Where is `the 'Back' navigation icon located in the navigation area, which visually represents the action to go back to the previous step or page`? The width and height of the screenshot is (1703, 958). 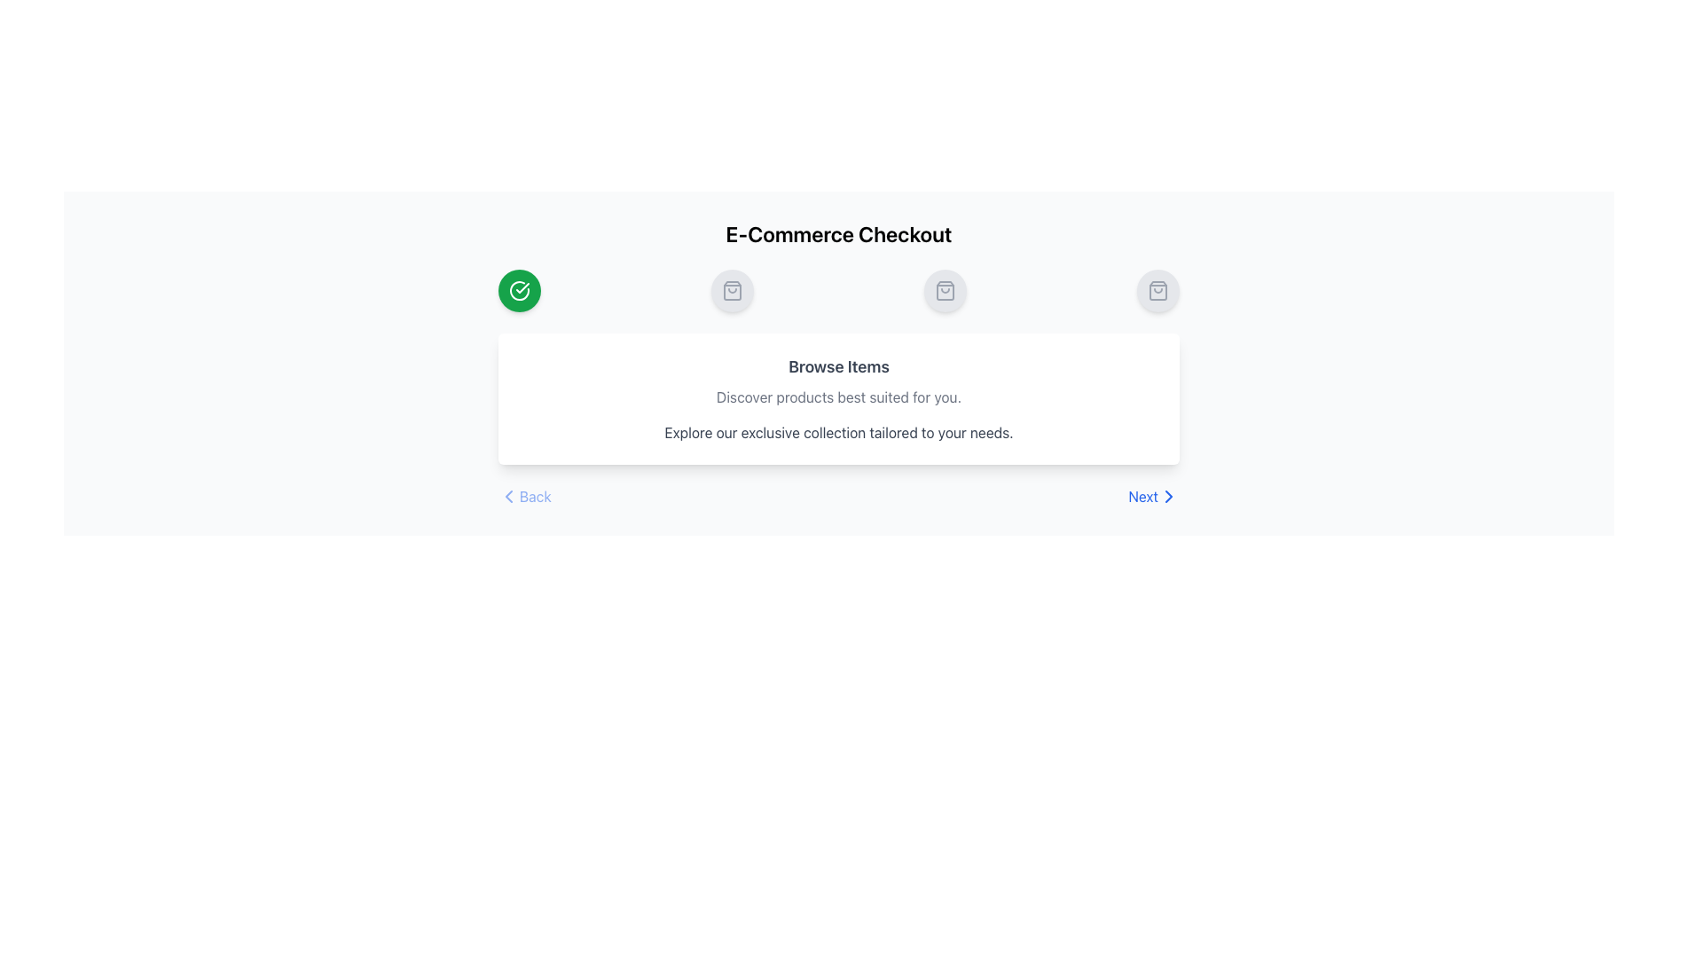 the 'Back' navigation icon located in the navigation area, which visually represents the action to go back to the previous step or page is located at coordinates (508, 496).